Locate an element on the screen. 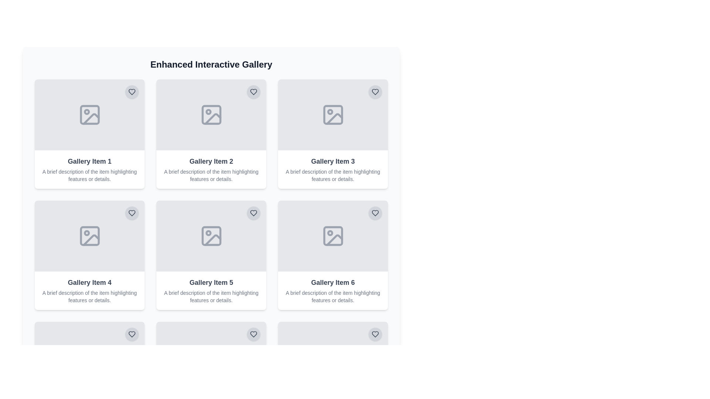  the landscape image icon within the first gallery card labeled 'Gallery Item 1' is located at coordinates (91, 119).